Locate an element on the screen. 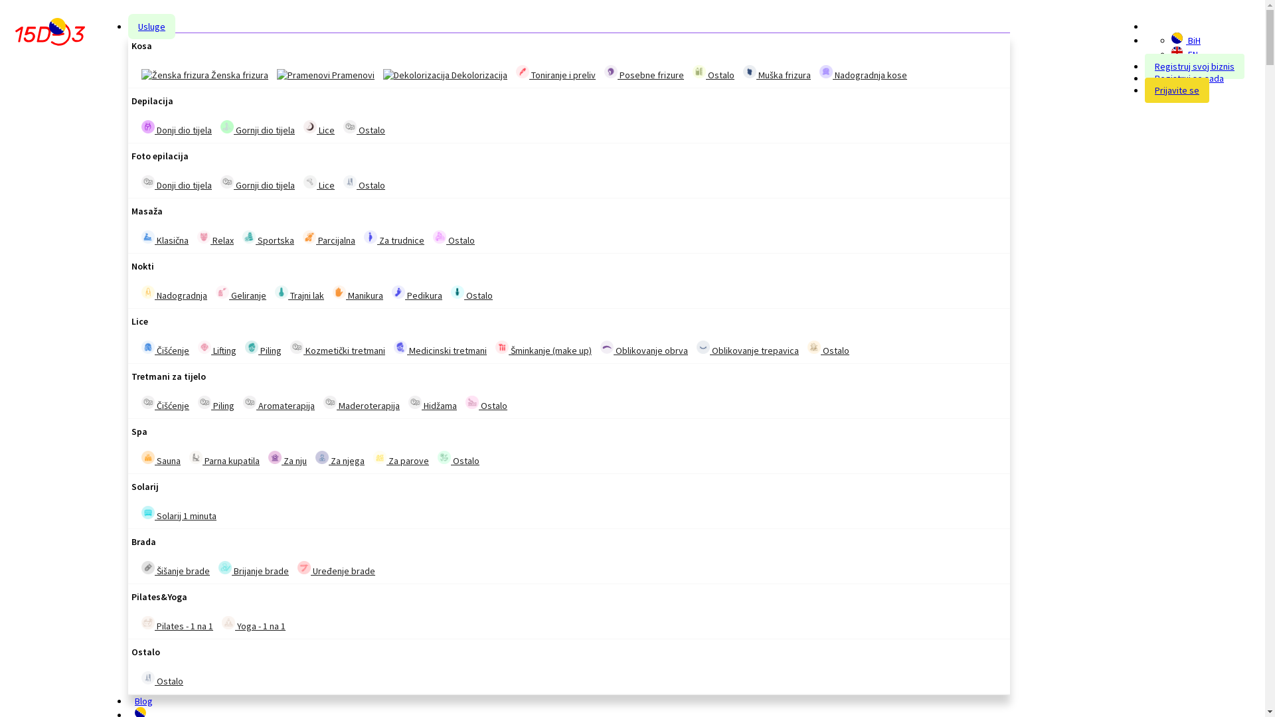 This screenshot has height=717, width=1275. 'Blog' is located at coordinates (127, 700).